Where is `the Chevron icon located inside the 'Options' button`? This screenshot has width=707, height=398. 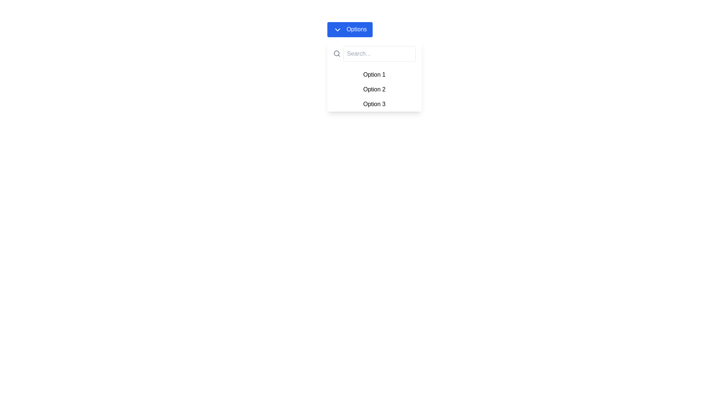
the Chevron icon located inside the 'Options' button is located at coordinates (337, 29).